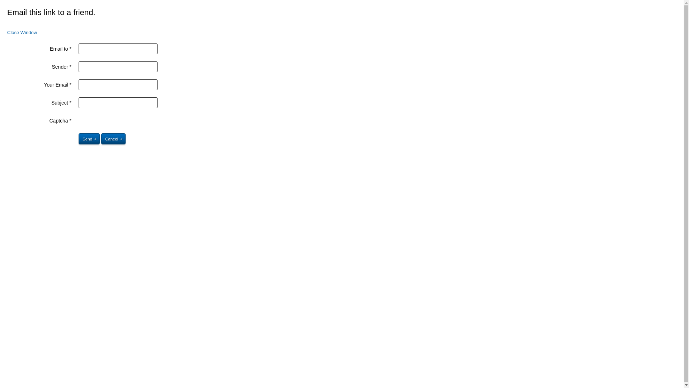 The height and width of the screenshot is (388, 689). I want to click on 'Send', so click(89, 139).